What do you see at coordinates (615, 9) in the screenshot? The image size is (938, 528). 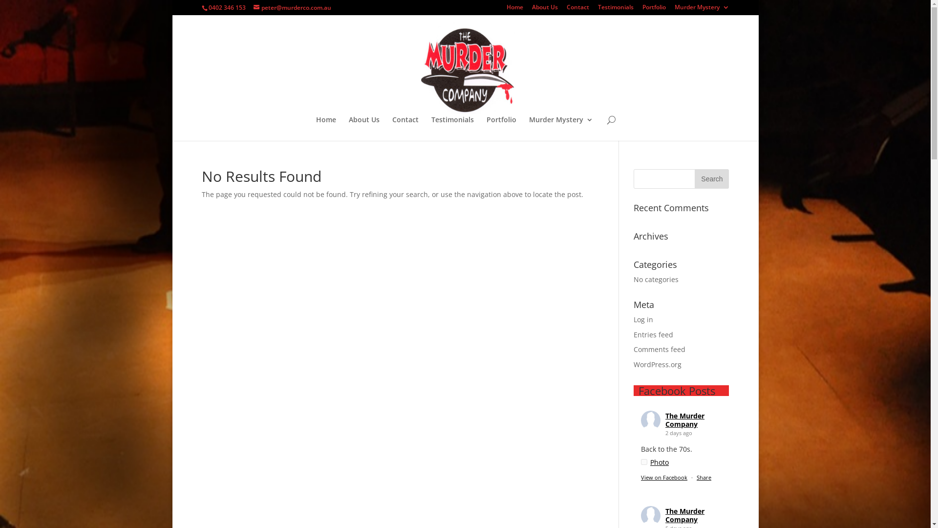 I see `'Testimonials'` at bounding box center [615, 9].